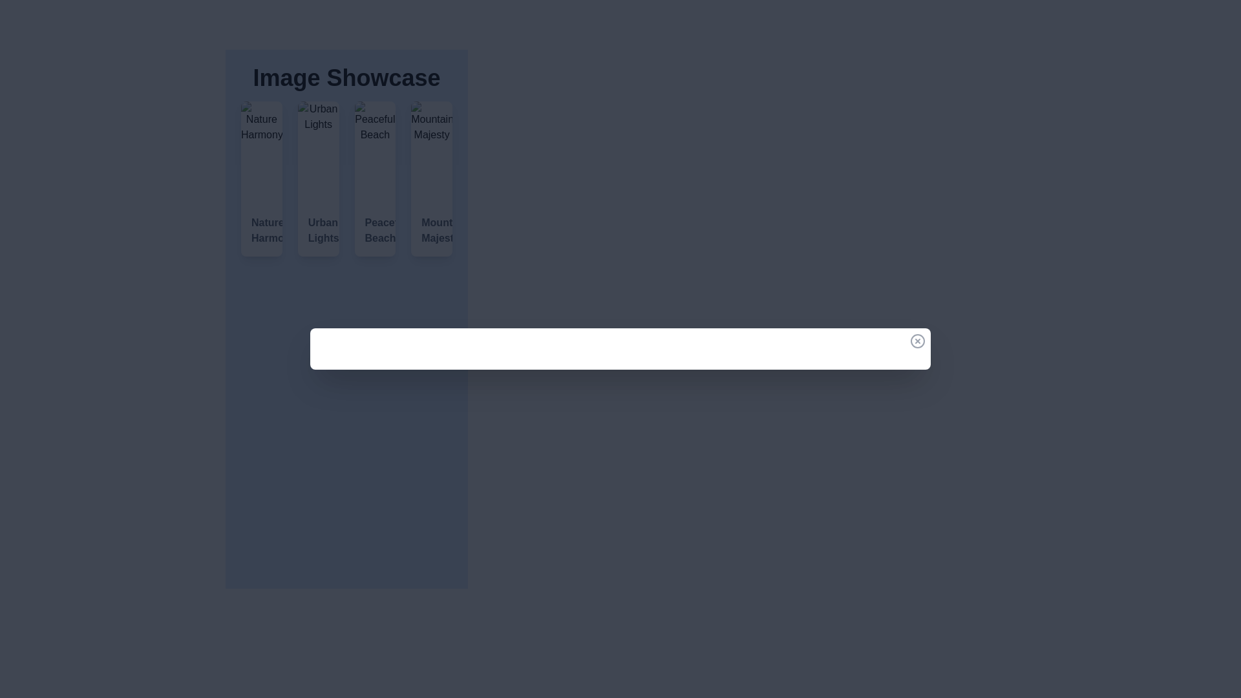 This screenshot has height=698, width=1241. What do you see at coordinates (260, 230) in the screenshot?
I see `the 'Nature Harmony' text label` at bounding box center [260, 230].